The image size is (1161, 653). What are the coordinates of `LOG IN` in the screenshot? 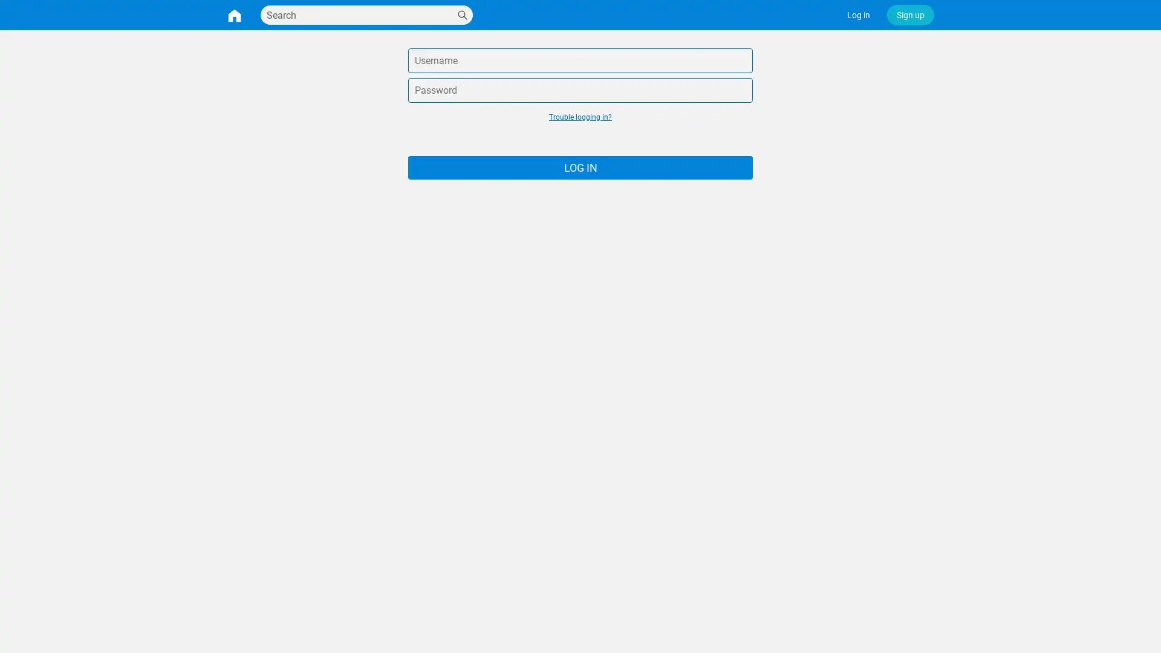 It's located at (580, 167).